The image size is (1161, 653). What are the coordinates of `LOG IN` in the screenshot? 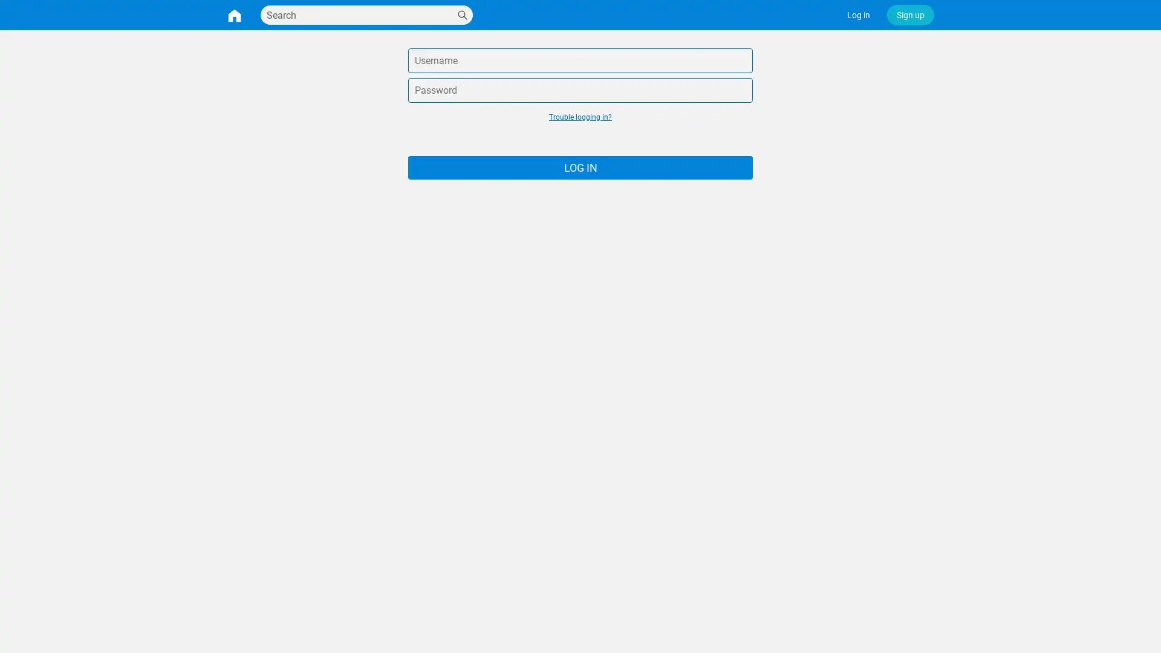 It's located at (580, 167).